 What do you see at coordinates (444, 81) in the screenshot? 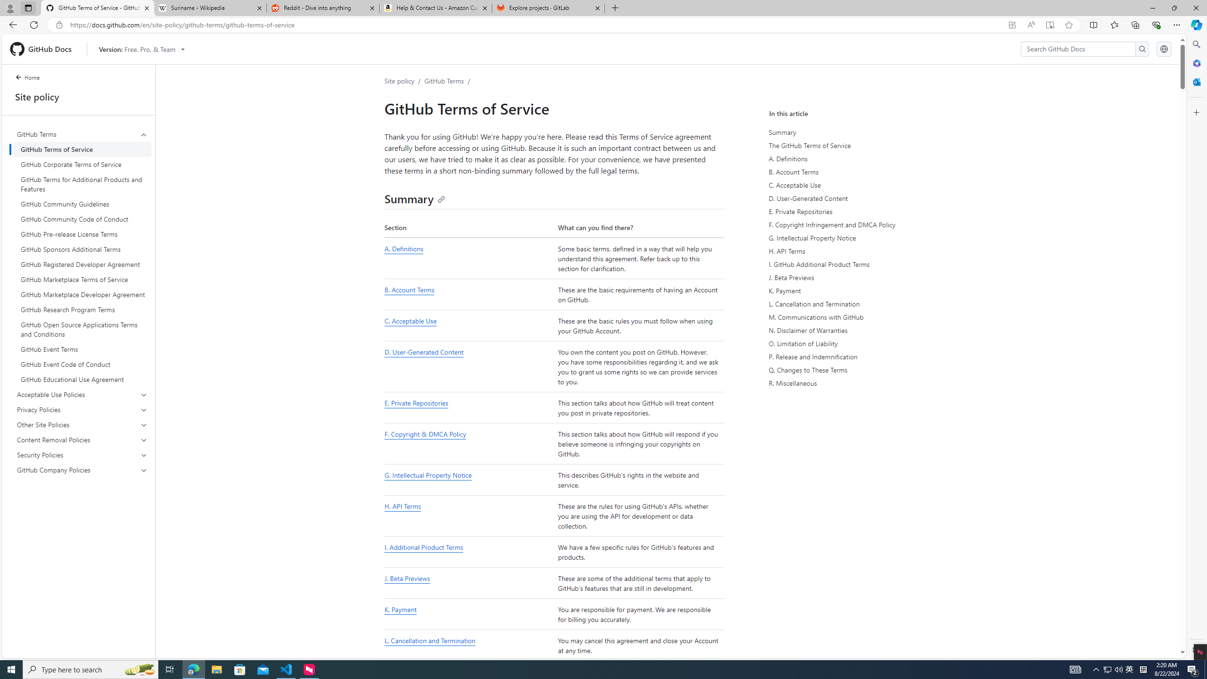
I see `'GitHub Terms'` at bounding box center [444, 81].